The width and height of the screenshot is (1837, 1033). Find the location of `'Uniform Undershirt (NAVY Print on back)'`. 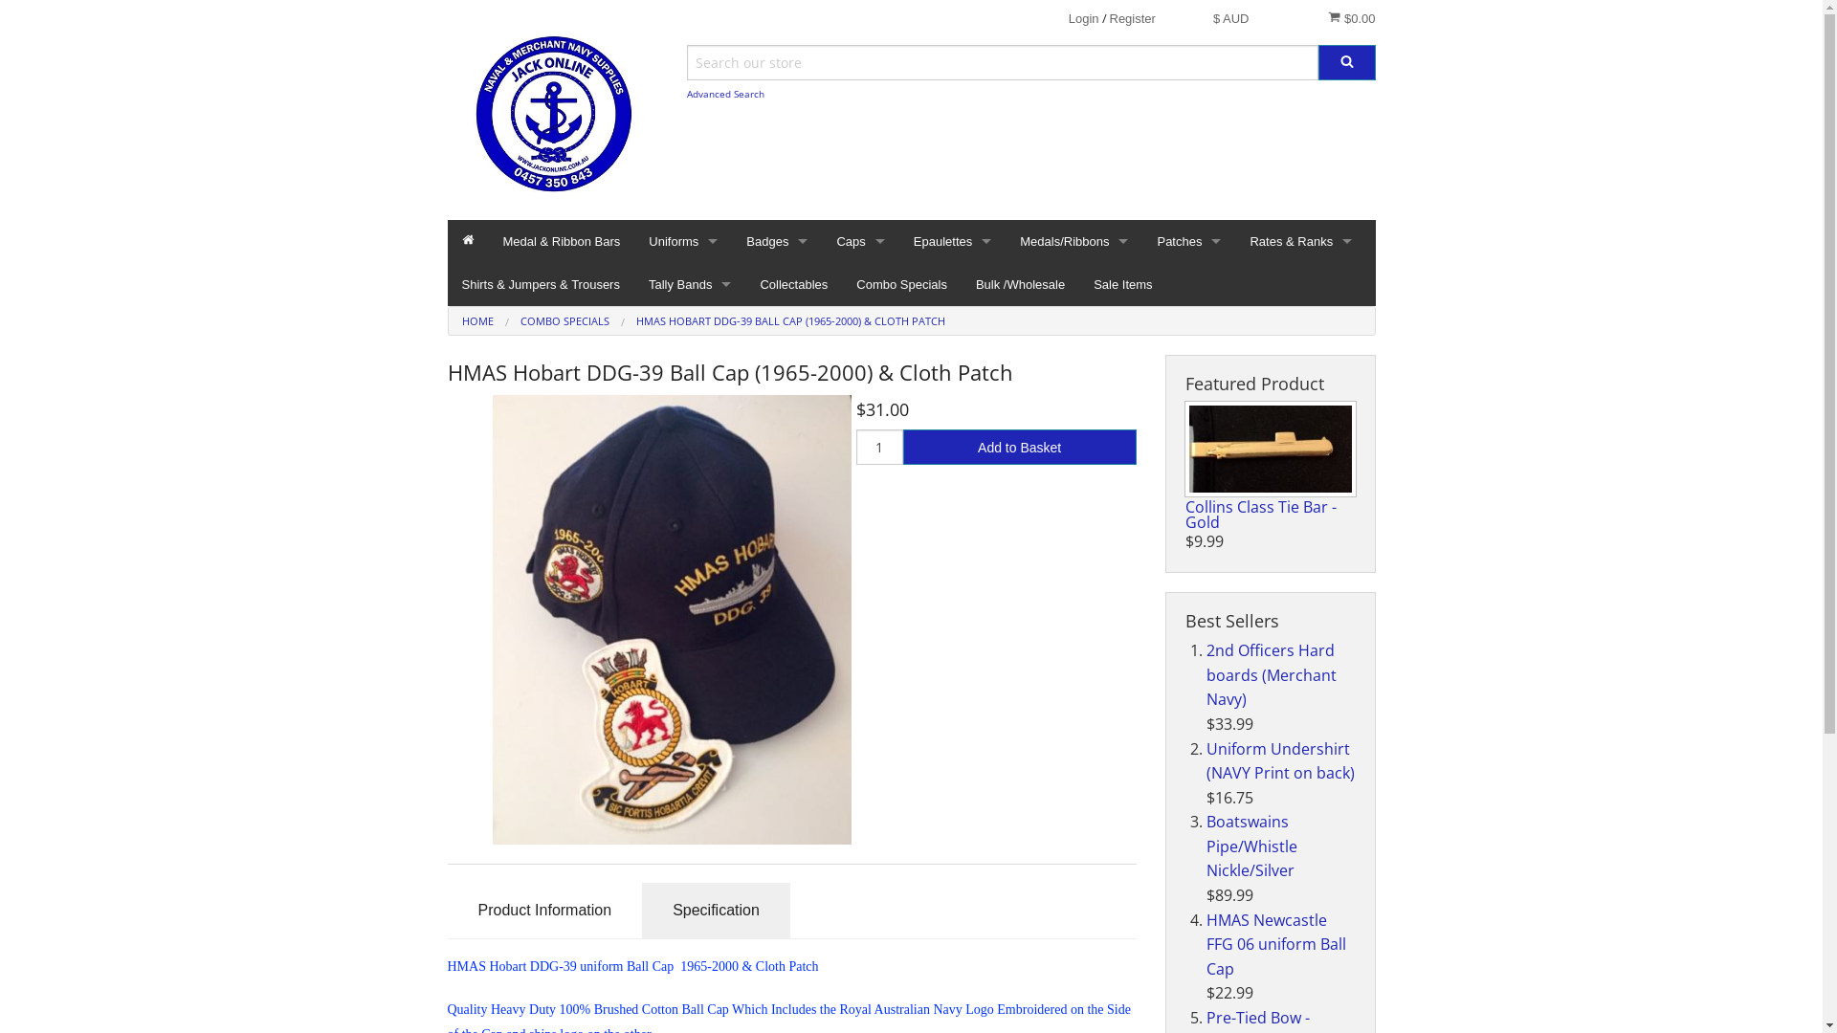

'Uniform Undershirt (NAVY Print on back)' is located at coordinates (1280, 759).